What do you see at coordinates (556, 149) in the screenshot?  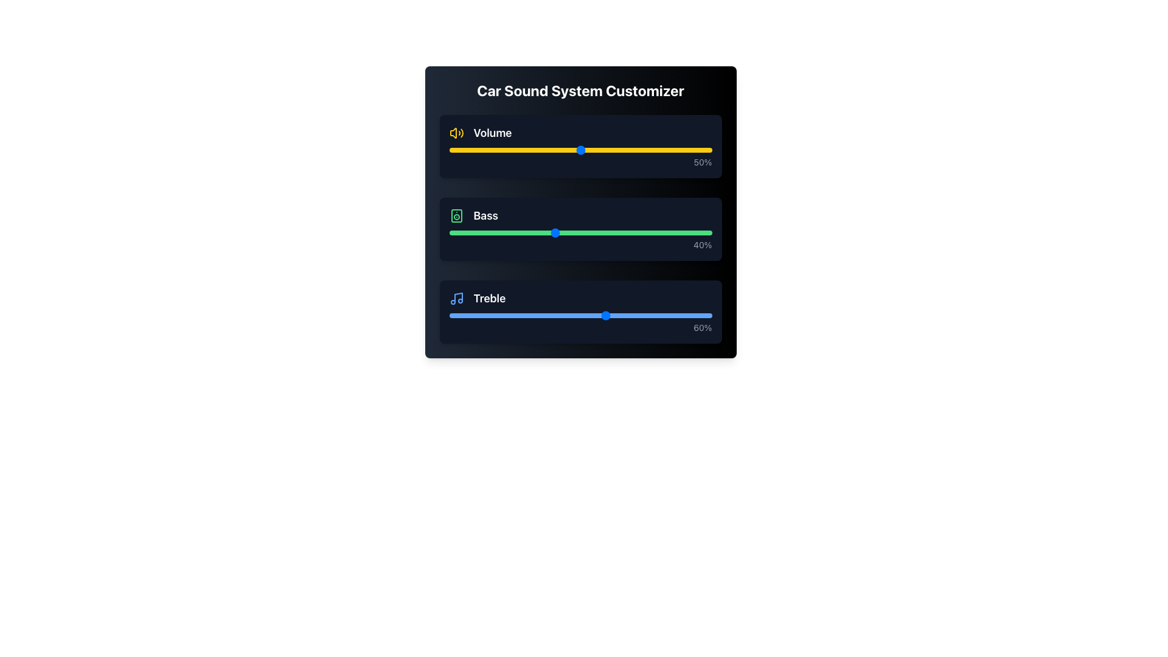 I see `volume` at bounding box center [556, 149].